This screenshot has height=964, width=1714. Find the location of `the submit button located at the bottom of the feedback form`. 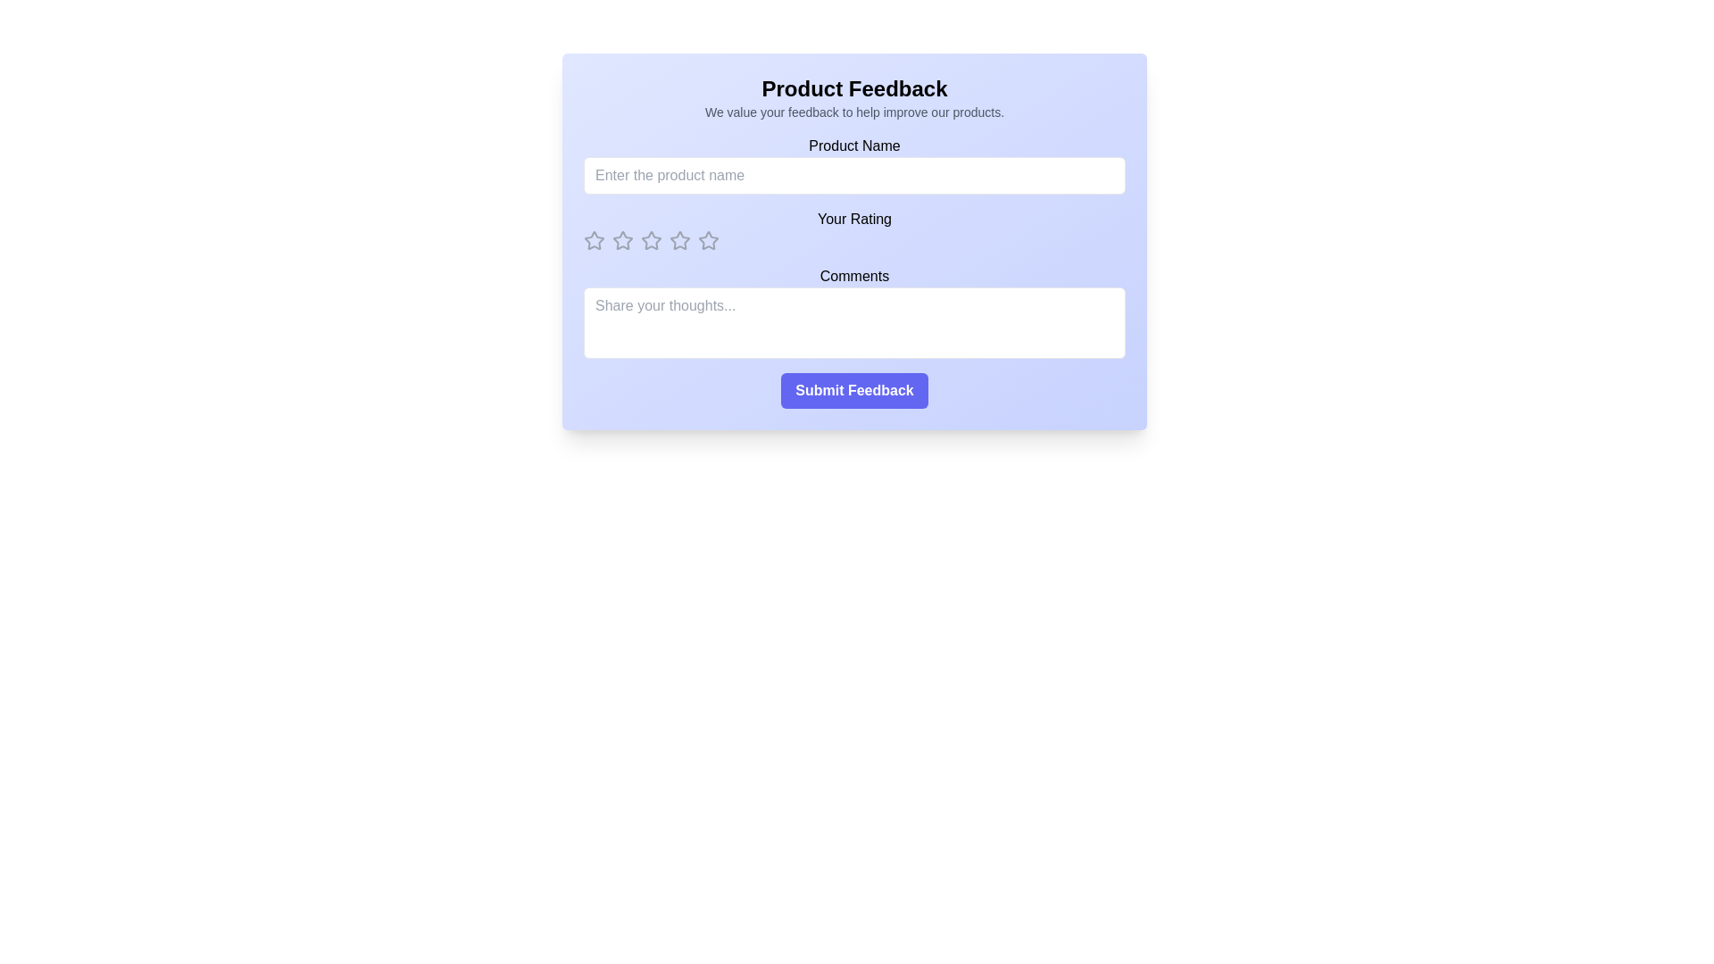

the submit button located at the bottom of the feedback form is located at coordinates (853, 390).